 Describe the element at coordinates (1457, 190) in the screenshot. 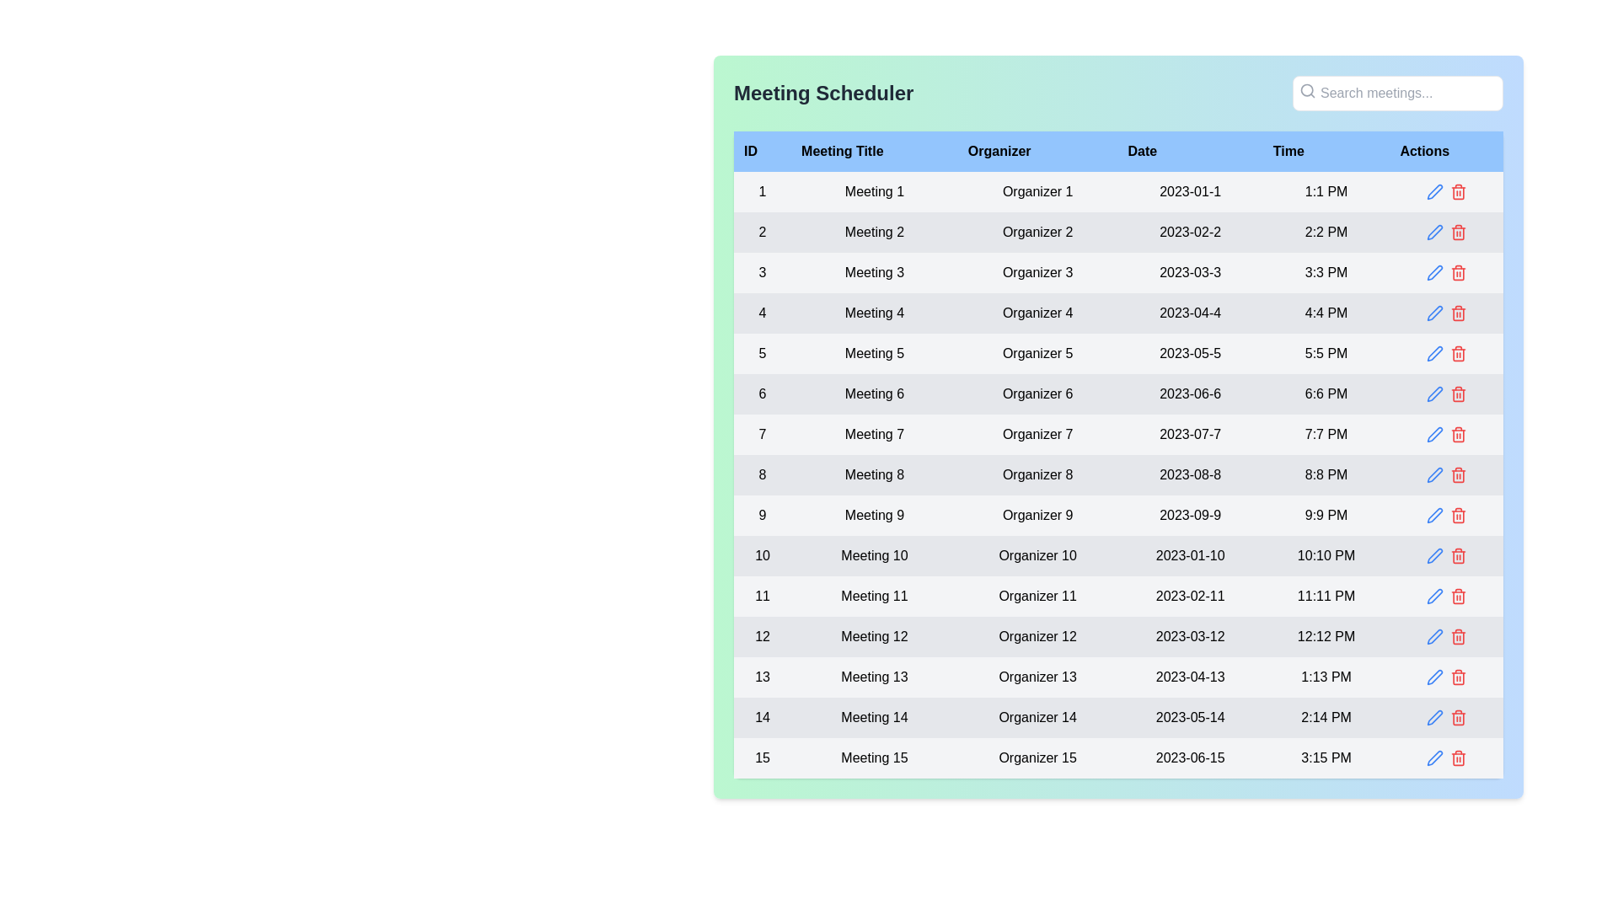

I see `the delete icon button located in the 'Actions' column of the data table, specifically the second icon after the edit icon` at that location.